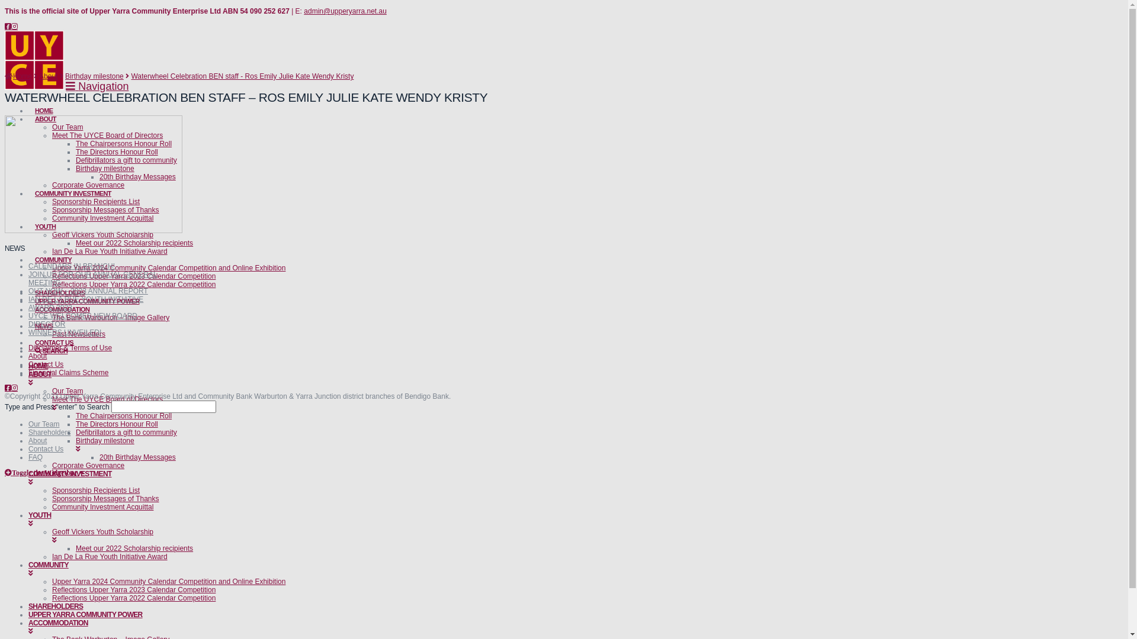 The width and height of the screenshot is (1137, 639). I want to click on 'CALENDARS IN BRANCH!', so click(70, 266).